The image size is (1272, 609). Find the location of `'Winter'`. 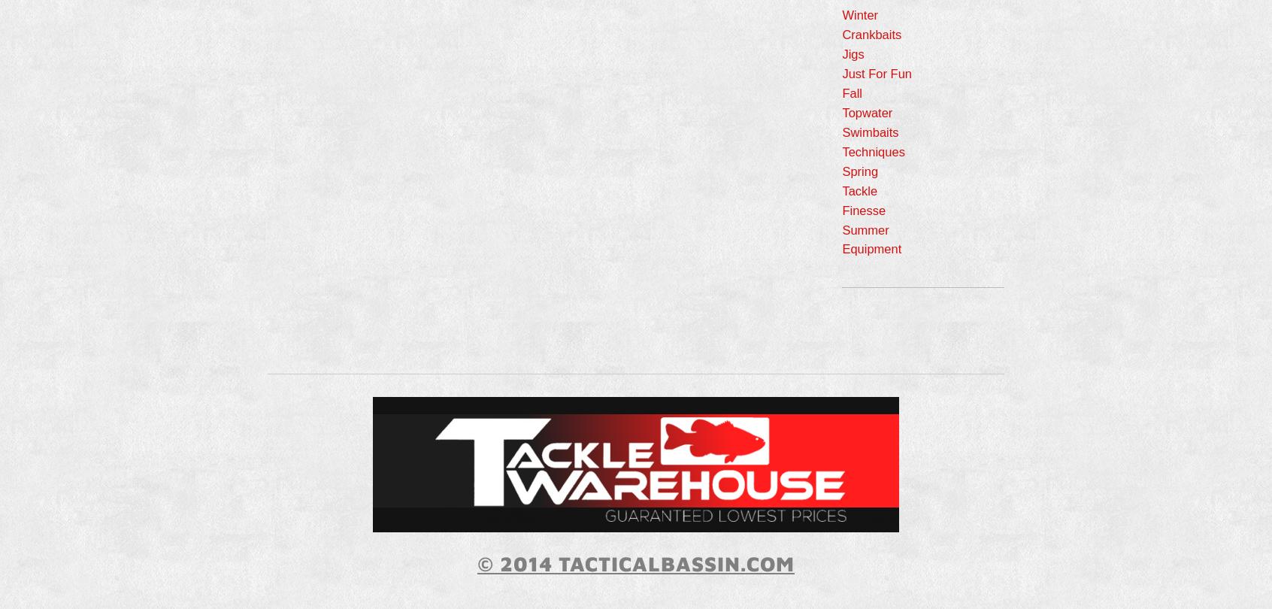

'Winter' is located at coordinates (859, 15).